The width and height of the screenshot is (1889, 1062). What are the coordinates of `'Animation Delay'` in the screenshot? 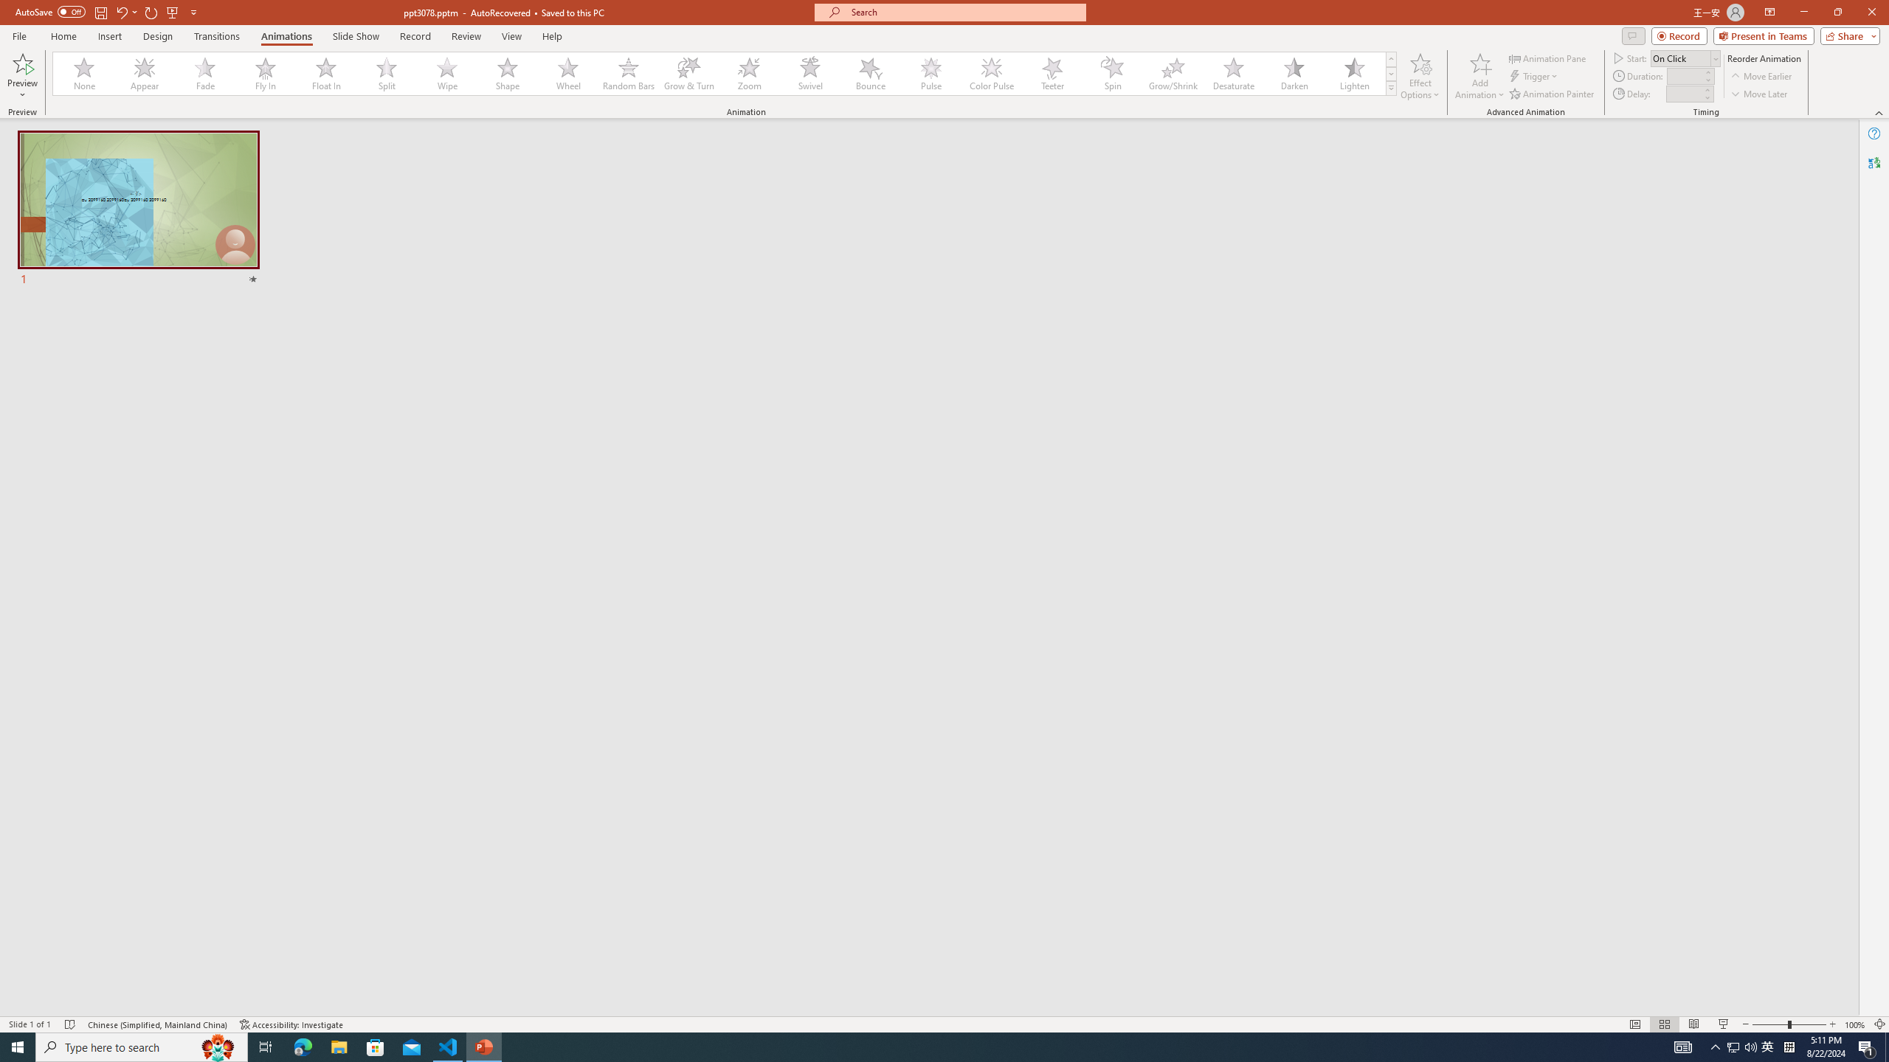 It's located at (1682, 93).